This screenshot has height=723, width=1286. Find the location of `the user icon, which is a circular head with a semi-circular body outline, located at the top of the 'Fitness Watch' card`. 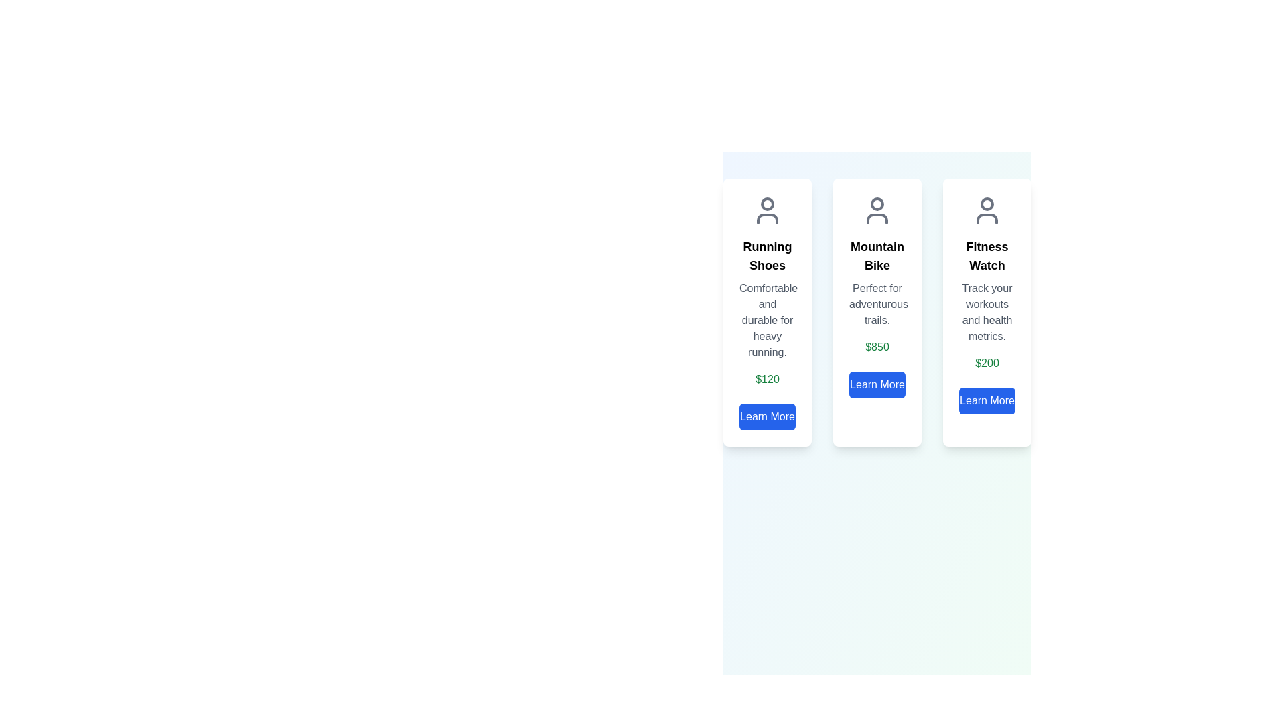

the user icon, which is a circular head with a semi-circular body outline, located at the top of the 'Fitness Watch' card is located at coordinates (987, 211).